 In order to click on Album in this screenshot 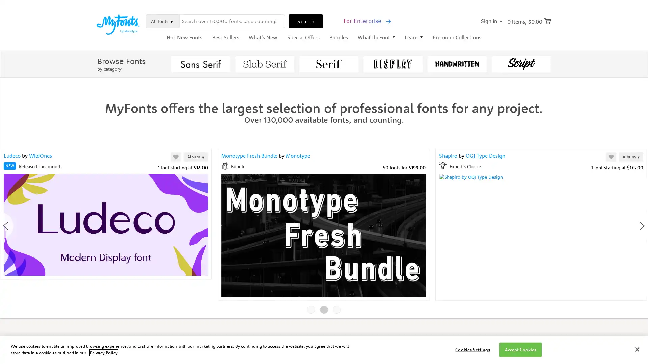, I will do `click(630, 157)`.